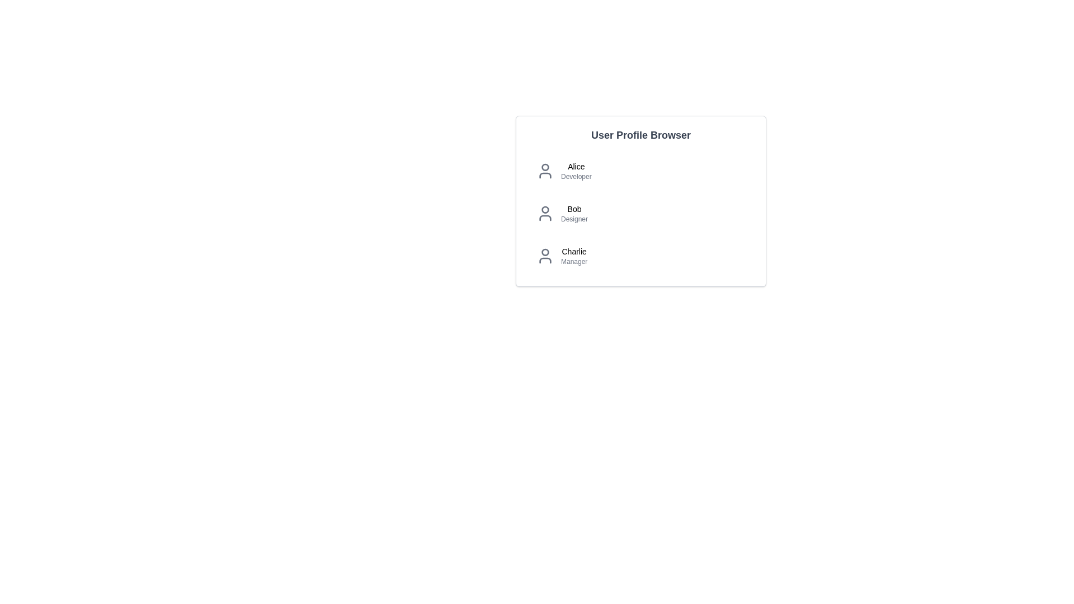  What do you see at coordinates (574, 209) in the screenshot?
I see `the text label 'Bob' that is styled in small-sized text with medium font weight, located in the middle section of a user profile list, positioned above 'Charlie' and below 'Designer'` at bounding box center [574, 209].